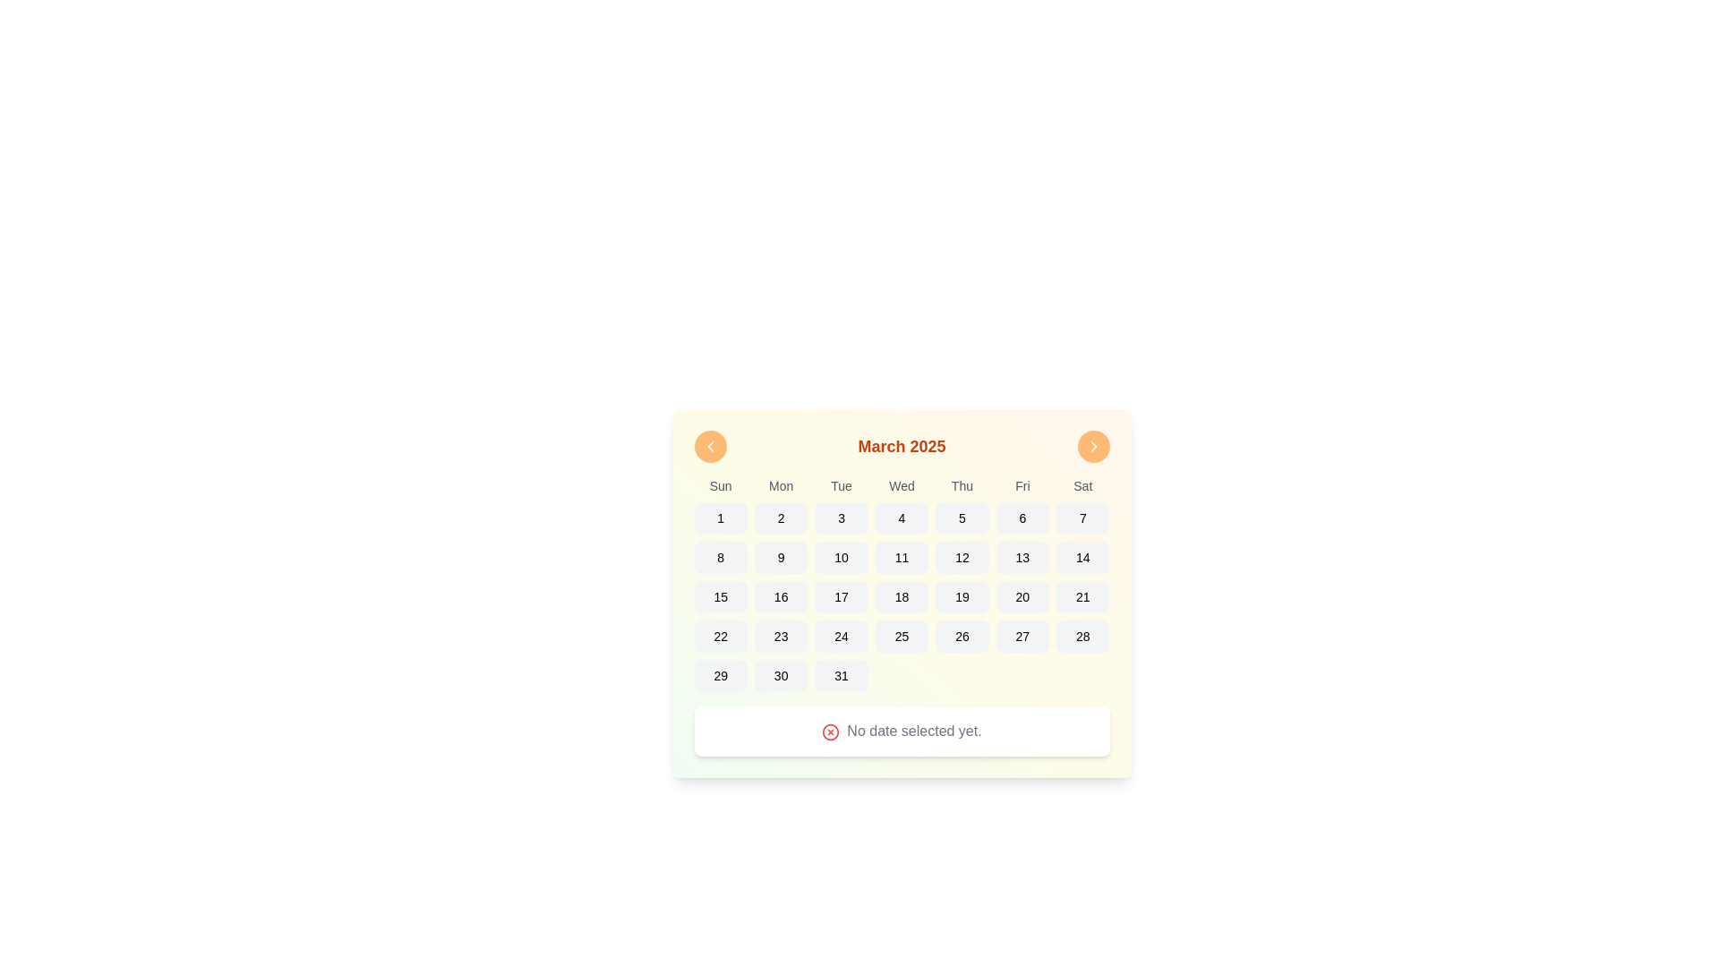 The height and width of the screenshot is (967, 1719). Describe the element at coordinates (902, 597) in the screenshot. I see `the button representing the 18th day of the month in the calendar interface` at that location.